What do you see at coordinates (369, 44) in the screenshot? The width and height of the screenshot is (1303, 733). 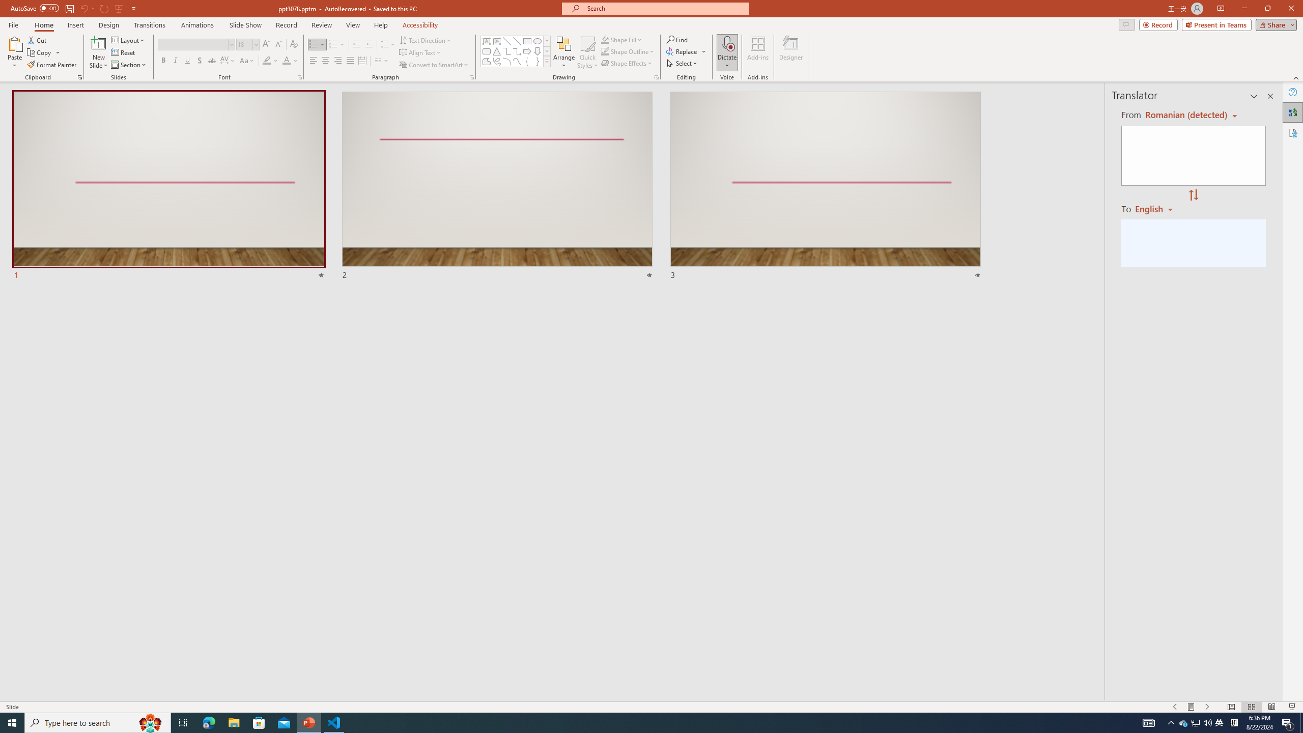 I see `'Increase Indent'` at bounding box center [369, 44].